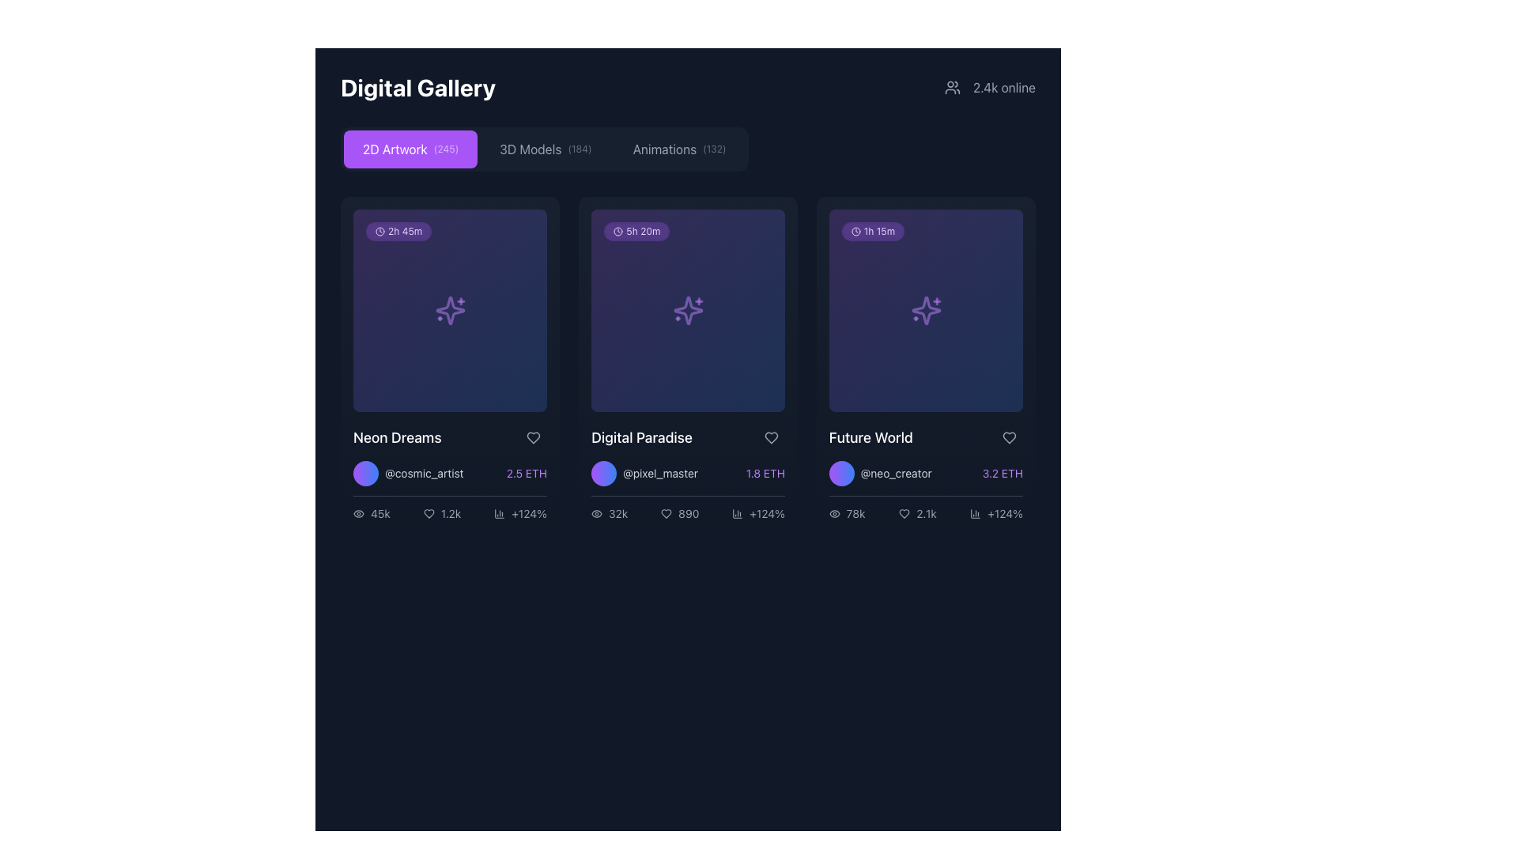  Describe the element at coordinates (926, 311) in the screenshot. I see `the decorative star-like icon with a light purple color located centrally in the 'Future World' card, above the text section` at that location.